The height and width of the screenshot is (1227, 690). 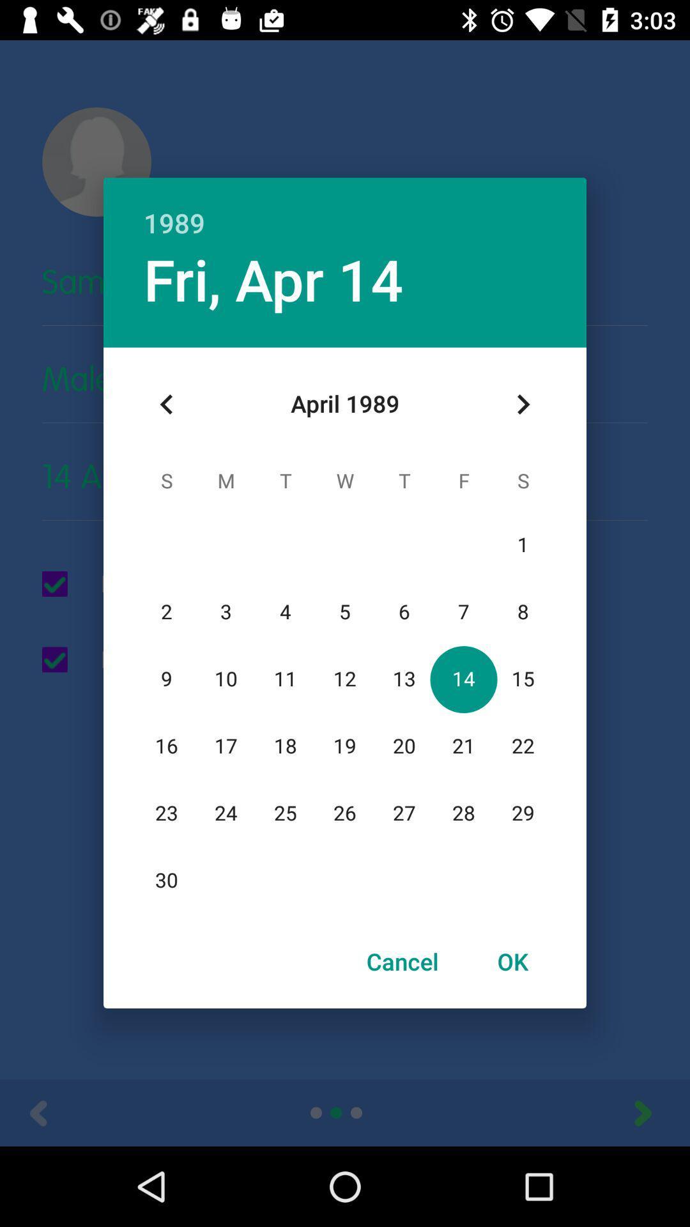 I want to click on 1989 item, so click(x=345, y=209).